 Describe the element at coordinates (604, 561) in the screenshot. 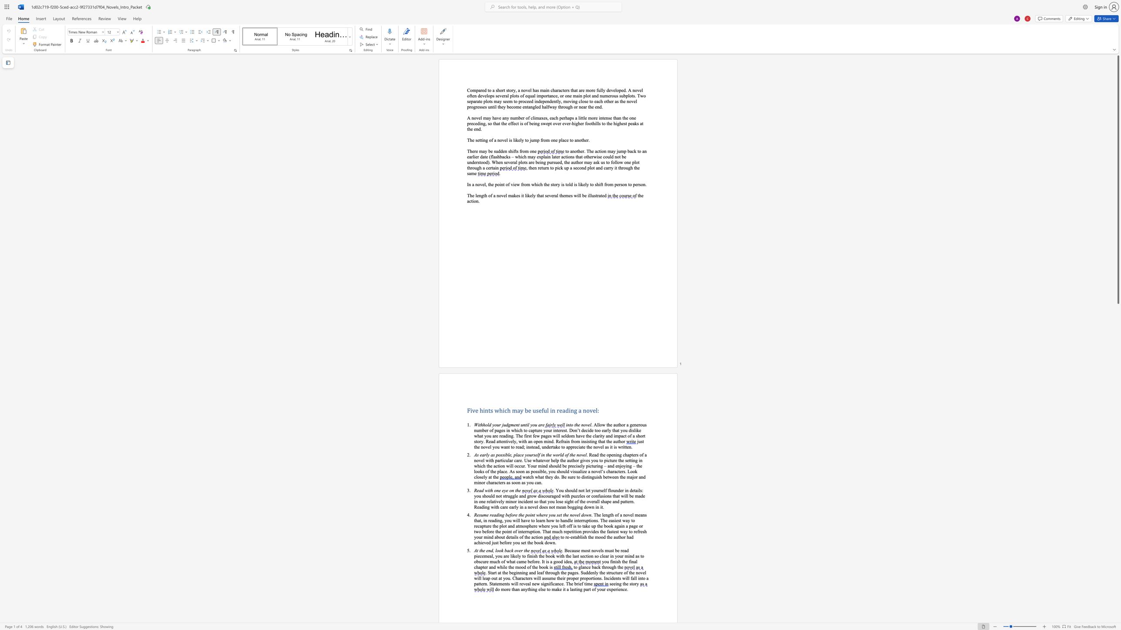

I see `the space between the continuous character "y" and "o" in the text` at that location.